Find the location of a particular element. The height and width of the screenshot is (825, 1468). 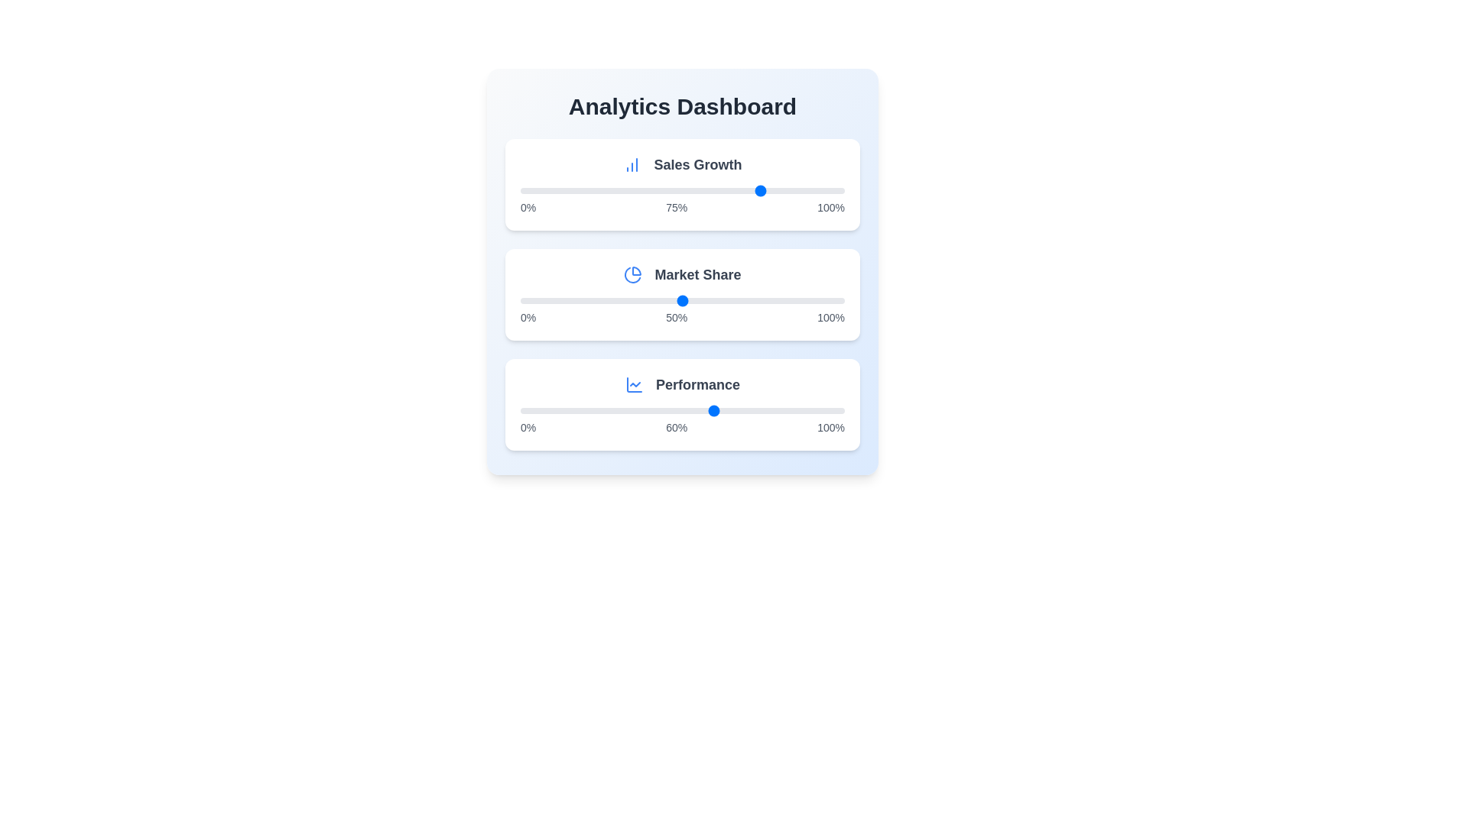

the 'Sales Growth' slider to 84% is located at coordinates (793, 190).